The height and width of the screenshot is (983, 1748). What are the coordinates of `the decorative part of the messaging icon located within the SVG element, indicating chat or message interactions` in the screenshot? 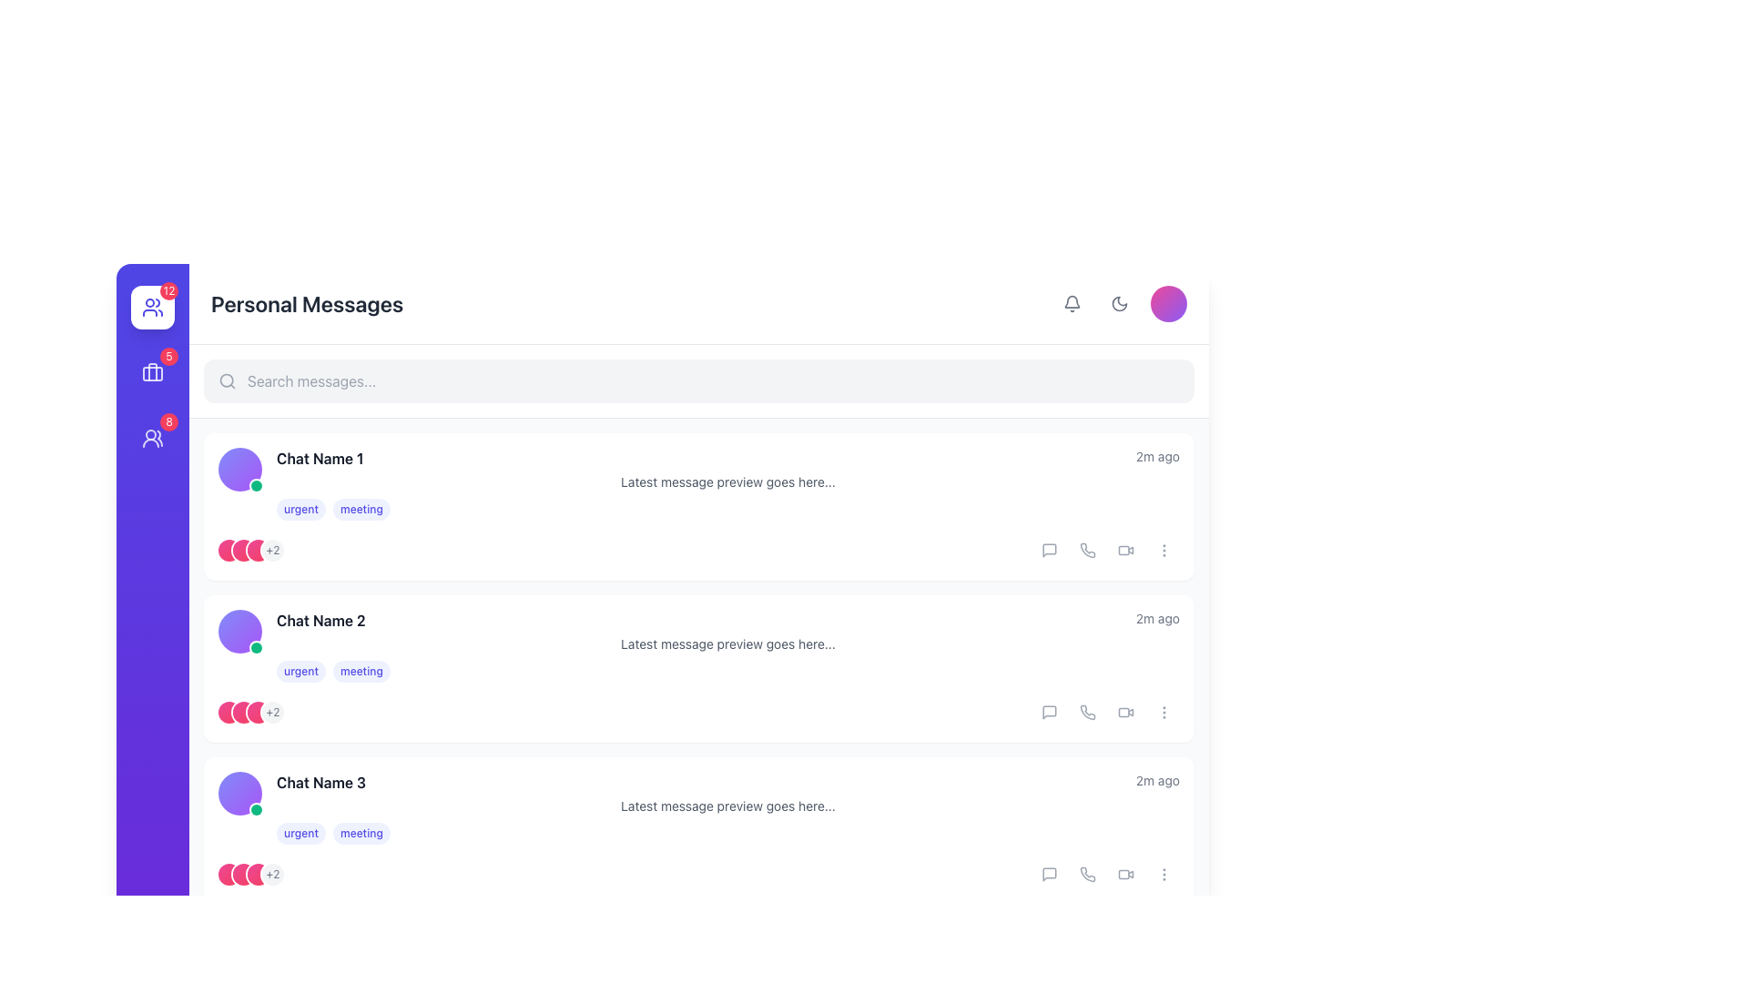 It's located at (1049, 873).